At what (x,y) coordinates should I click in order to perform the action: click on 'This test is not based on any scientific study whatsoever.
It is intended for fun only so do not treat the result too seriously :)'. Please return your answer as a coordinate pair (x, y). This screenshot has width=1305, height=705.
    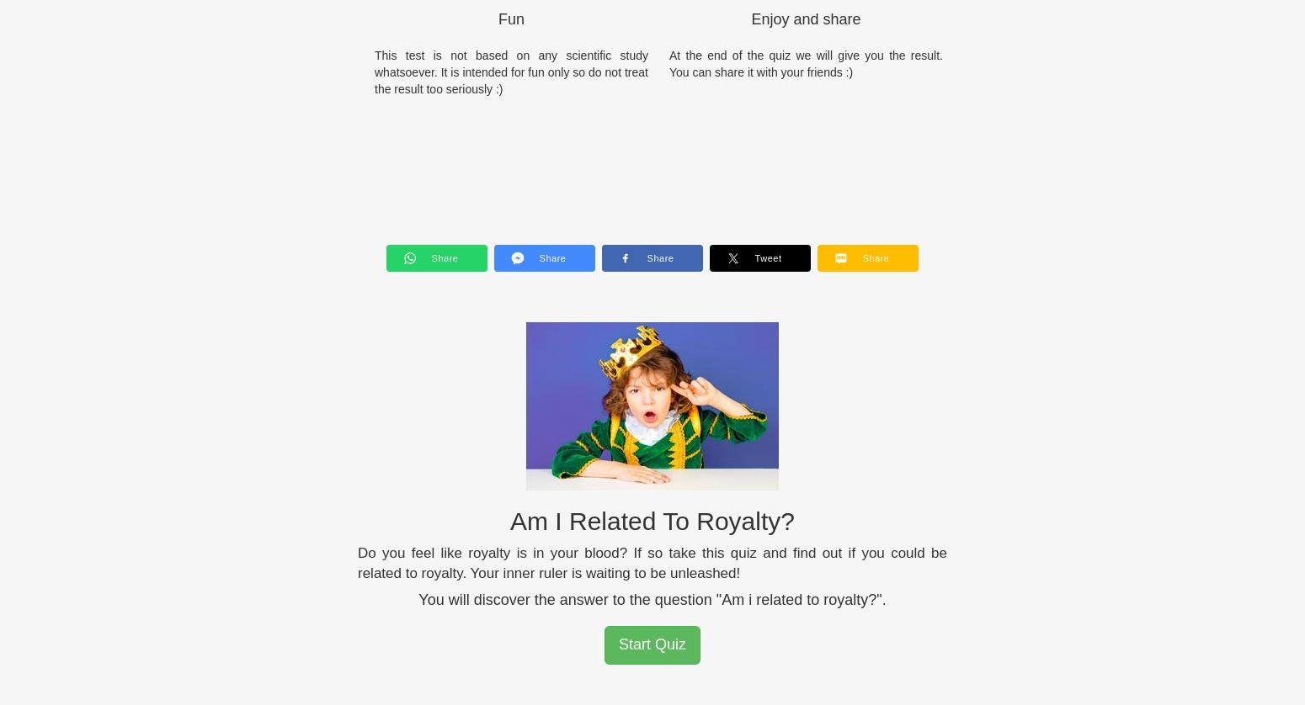
    Looking at the image, I should click on (511, 71).